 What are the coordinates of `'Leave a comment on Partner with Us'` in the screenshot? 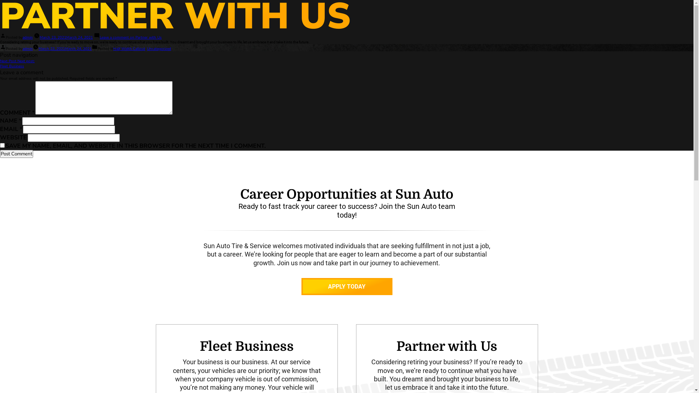 It's located at (131, 37).